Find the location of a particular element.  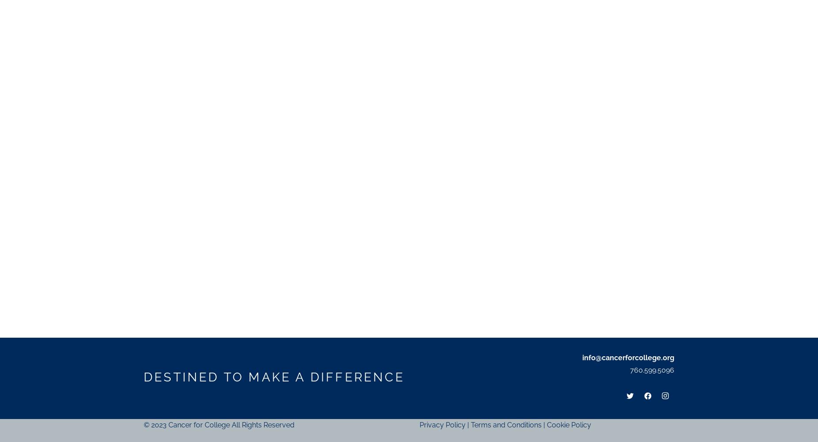

'DESTINED TO MAKE A DIFFERENCE' is located at coordinates (274, 377).